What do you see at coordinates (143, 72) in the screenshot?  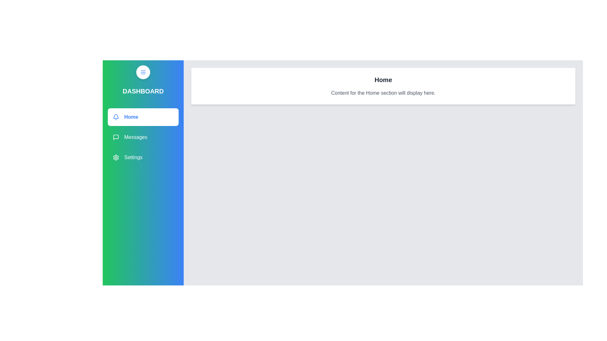 I see `the menu button to toggle the drawer open or closed` at bounding box center [143, 72].